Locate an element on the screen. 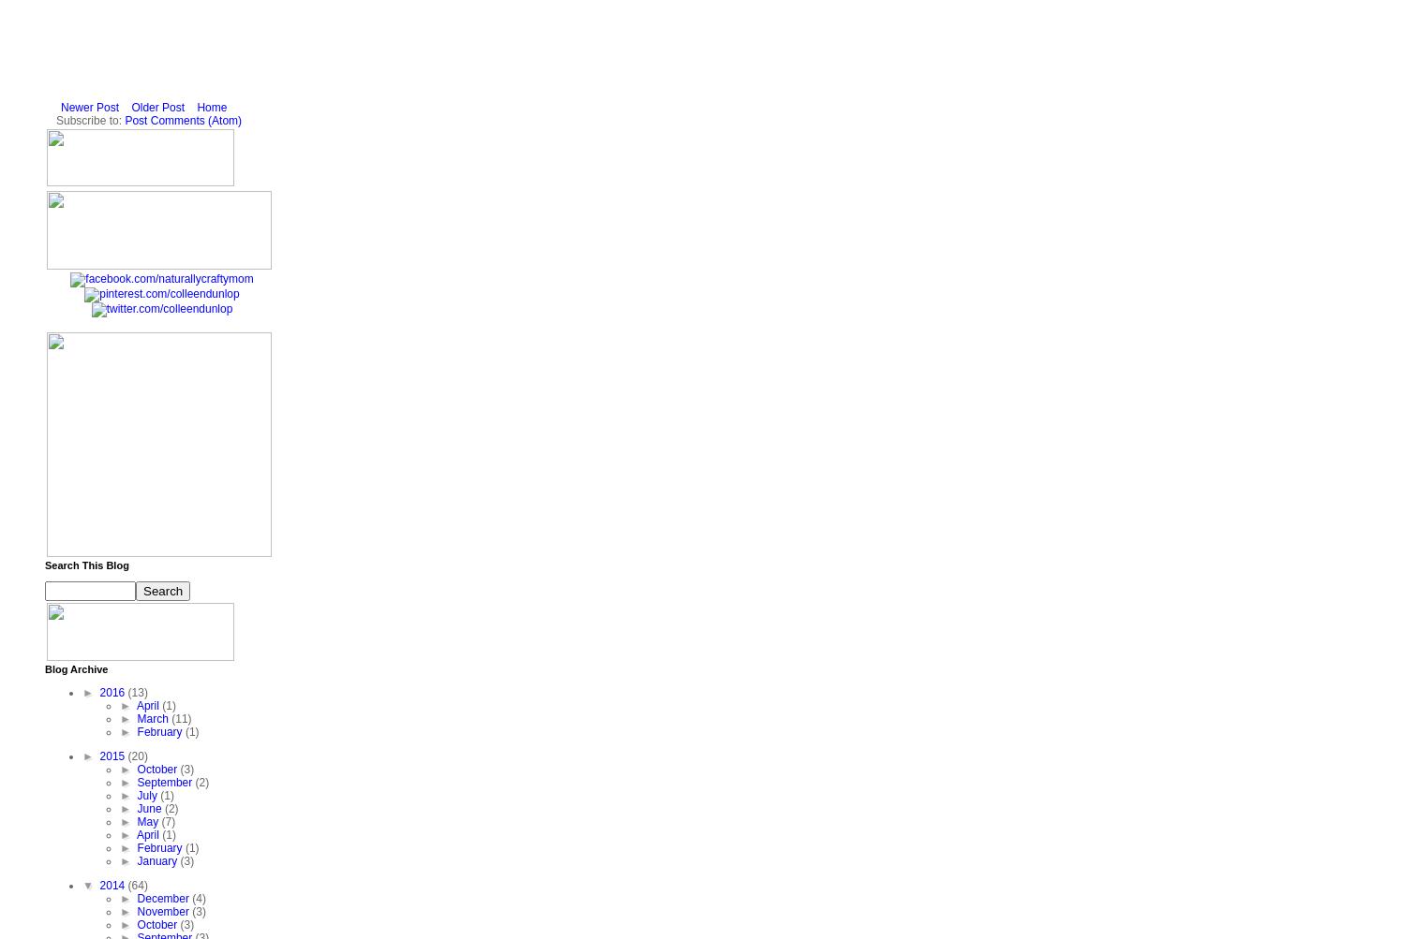 The width and height of the screenshot is (1413, 939). 'December' is located at coordinates (164, 897).